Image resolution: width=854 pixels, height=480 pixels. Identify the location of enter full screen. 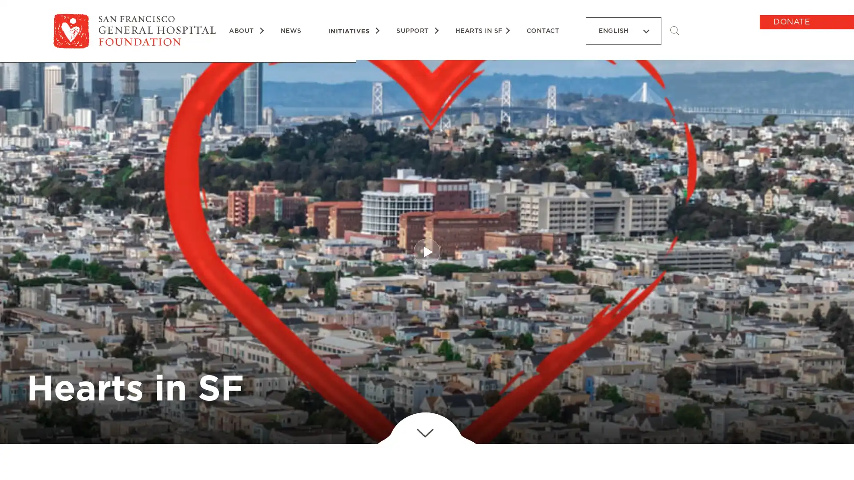
(804, 419).